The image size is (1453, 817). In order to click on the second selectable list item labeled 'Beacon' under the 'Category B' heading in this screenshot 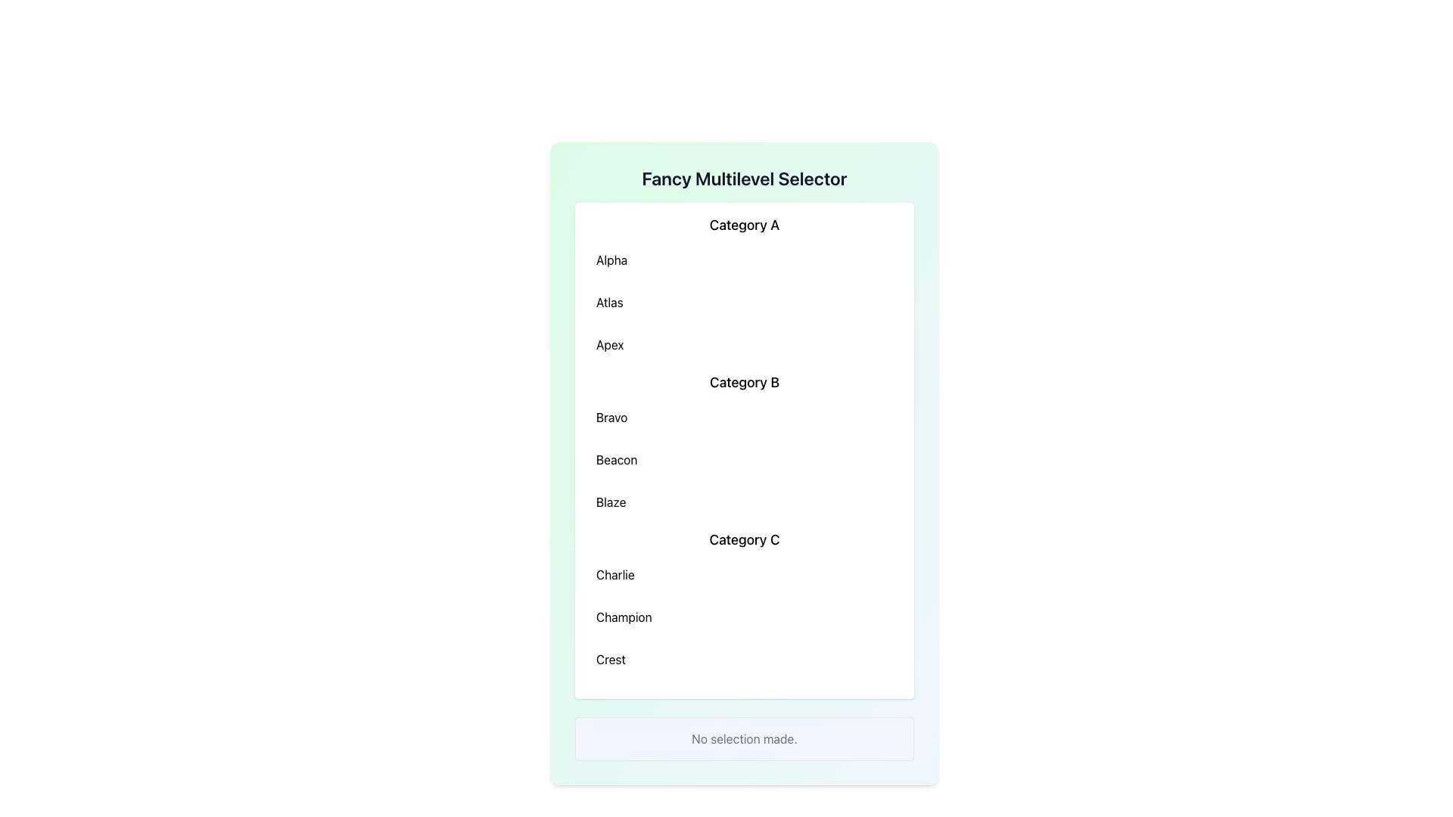, I will do `click(617, 459)`.